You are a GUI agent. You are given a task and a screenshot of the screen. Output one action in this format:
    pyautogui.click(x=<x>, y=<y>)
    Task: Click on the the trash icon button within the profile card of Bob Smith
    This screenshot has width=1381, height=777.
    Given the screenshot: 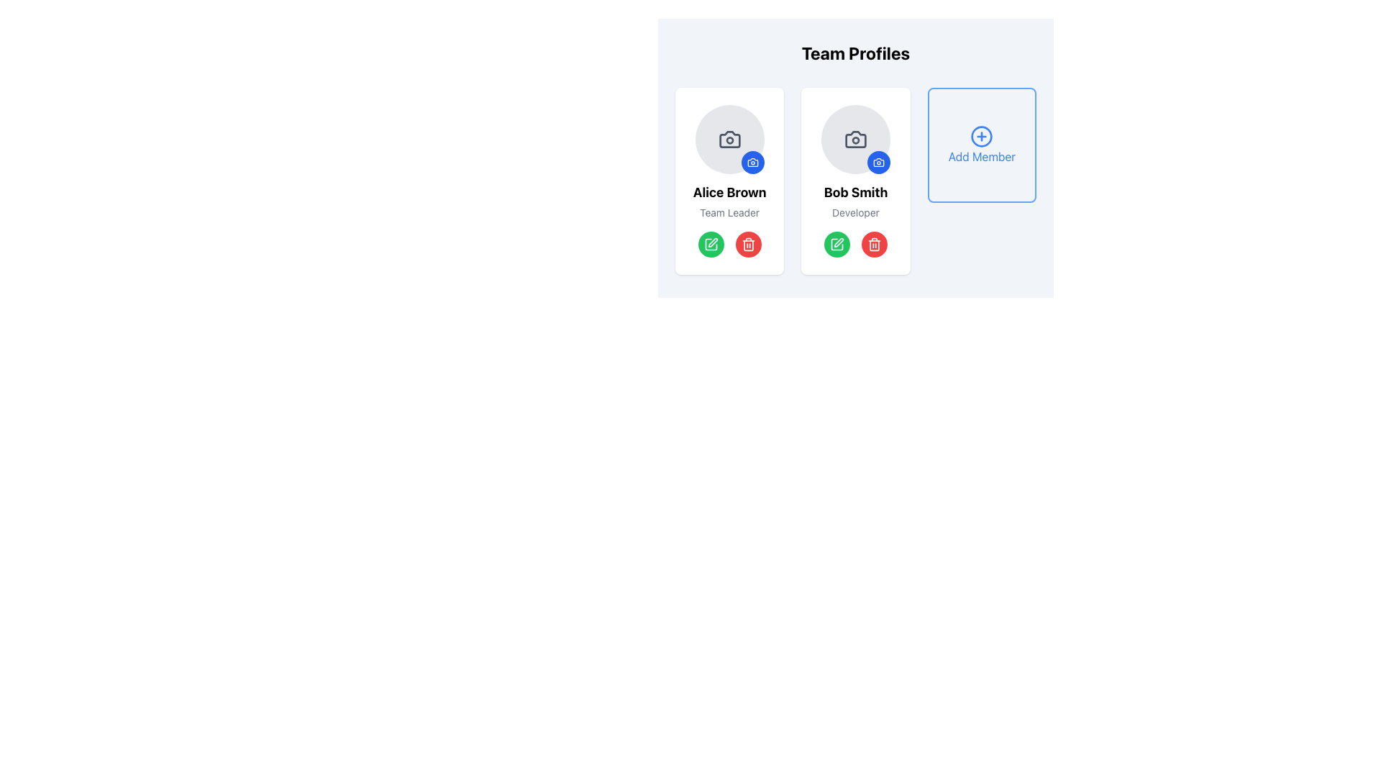 What is the action you would take?
    pyautogui.click(x=748, y=245)
    